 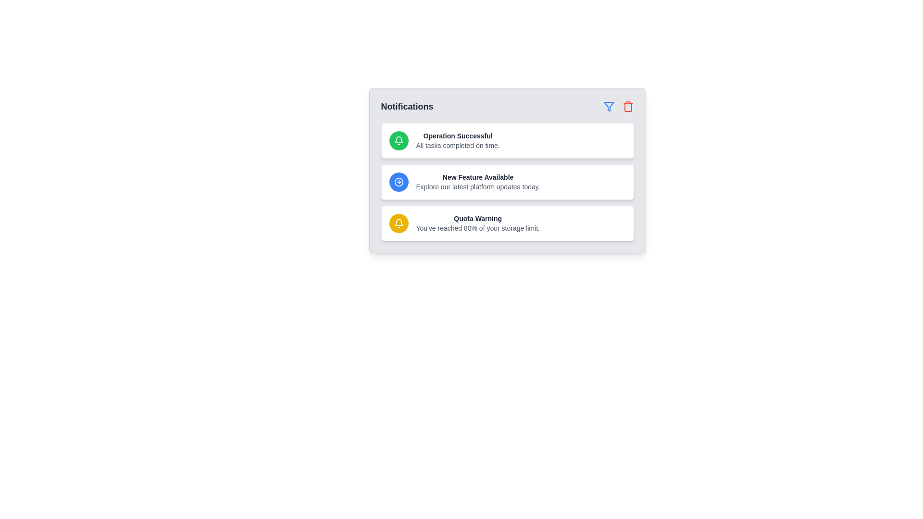 What do you see at coordinates (478, 223) in the screenshot?
I see `warning message from the third notification card in the application's notification panel, located to the right of the yellow bell icon` at bounding box center [478, 223].